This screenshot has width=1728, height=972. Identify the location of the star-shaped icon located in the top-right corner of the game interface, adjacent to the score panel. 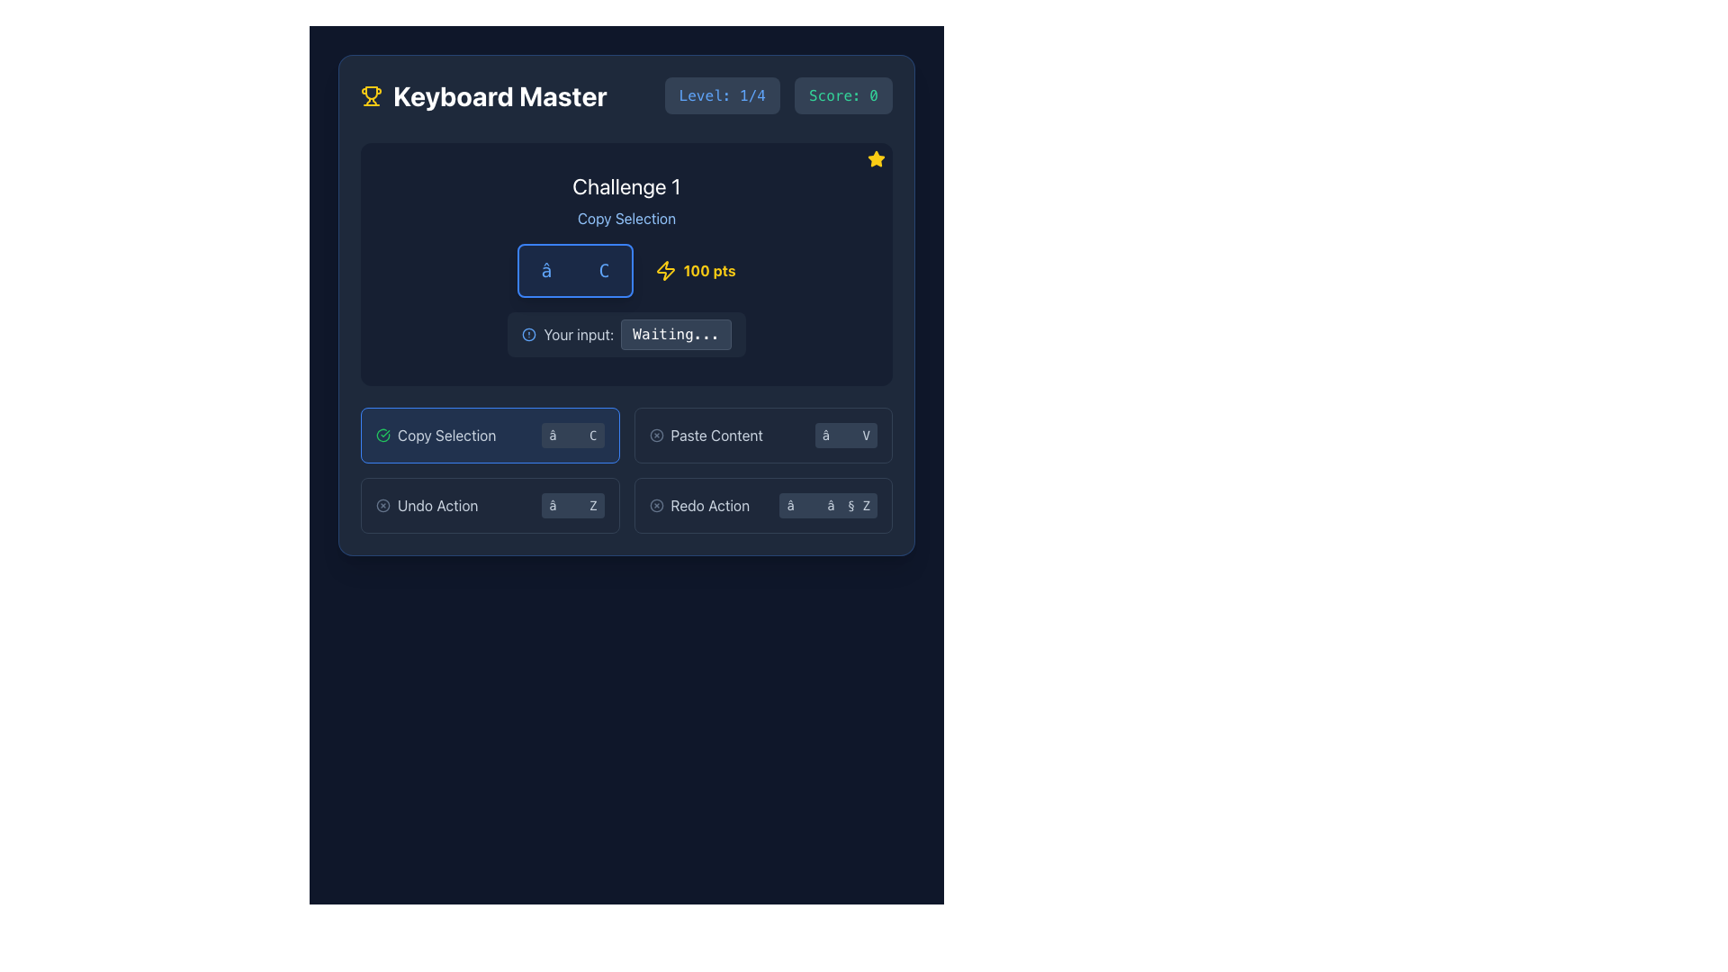
(877, 157).